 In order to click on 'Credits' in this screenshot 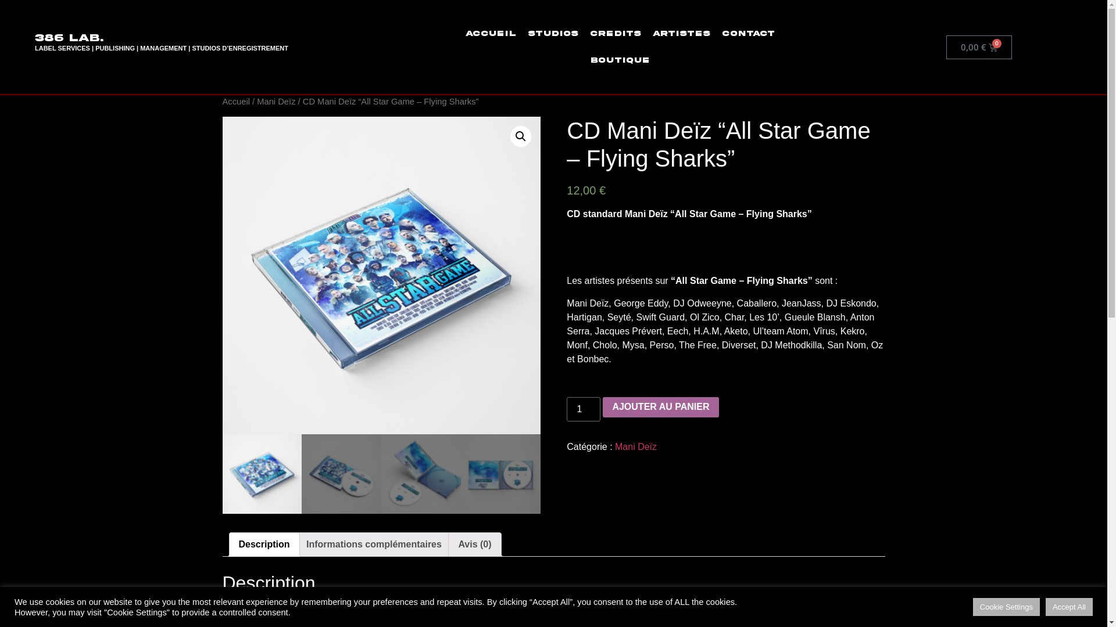, I will do `click(615, 33)`.